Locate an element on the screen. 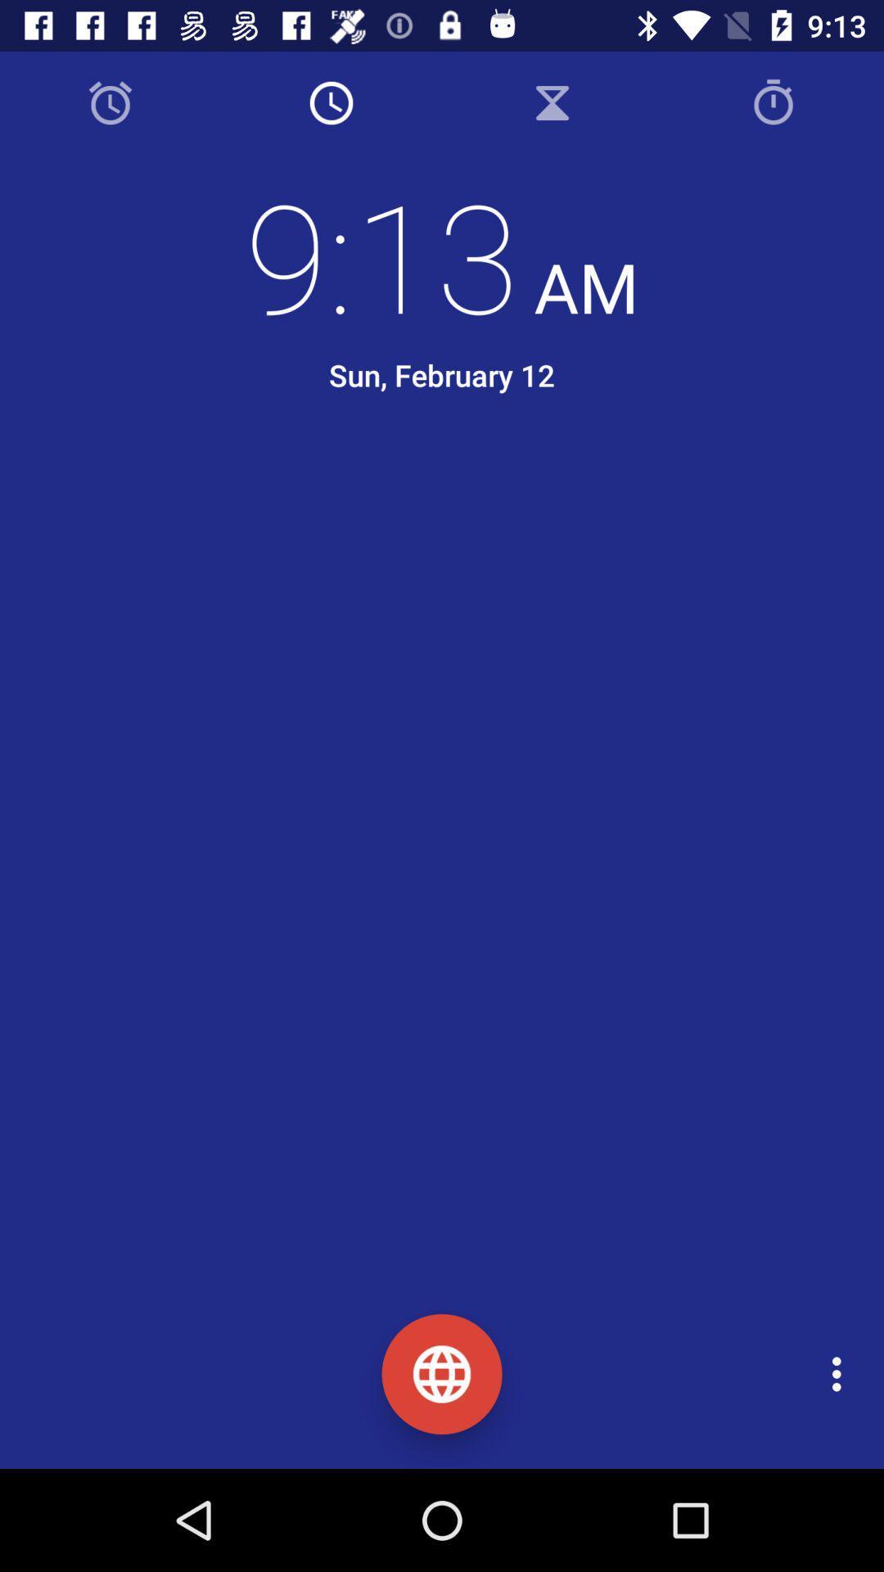  the icon above the sun, february 12 icon is located at coordinates (442, 254).